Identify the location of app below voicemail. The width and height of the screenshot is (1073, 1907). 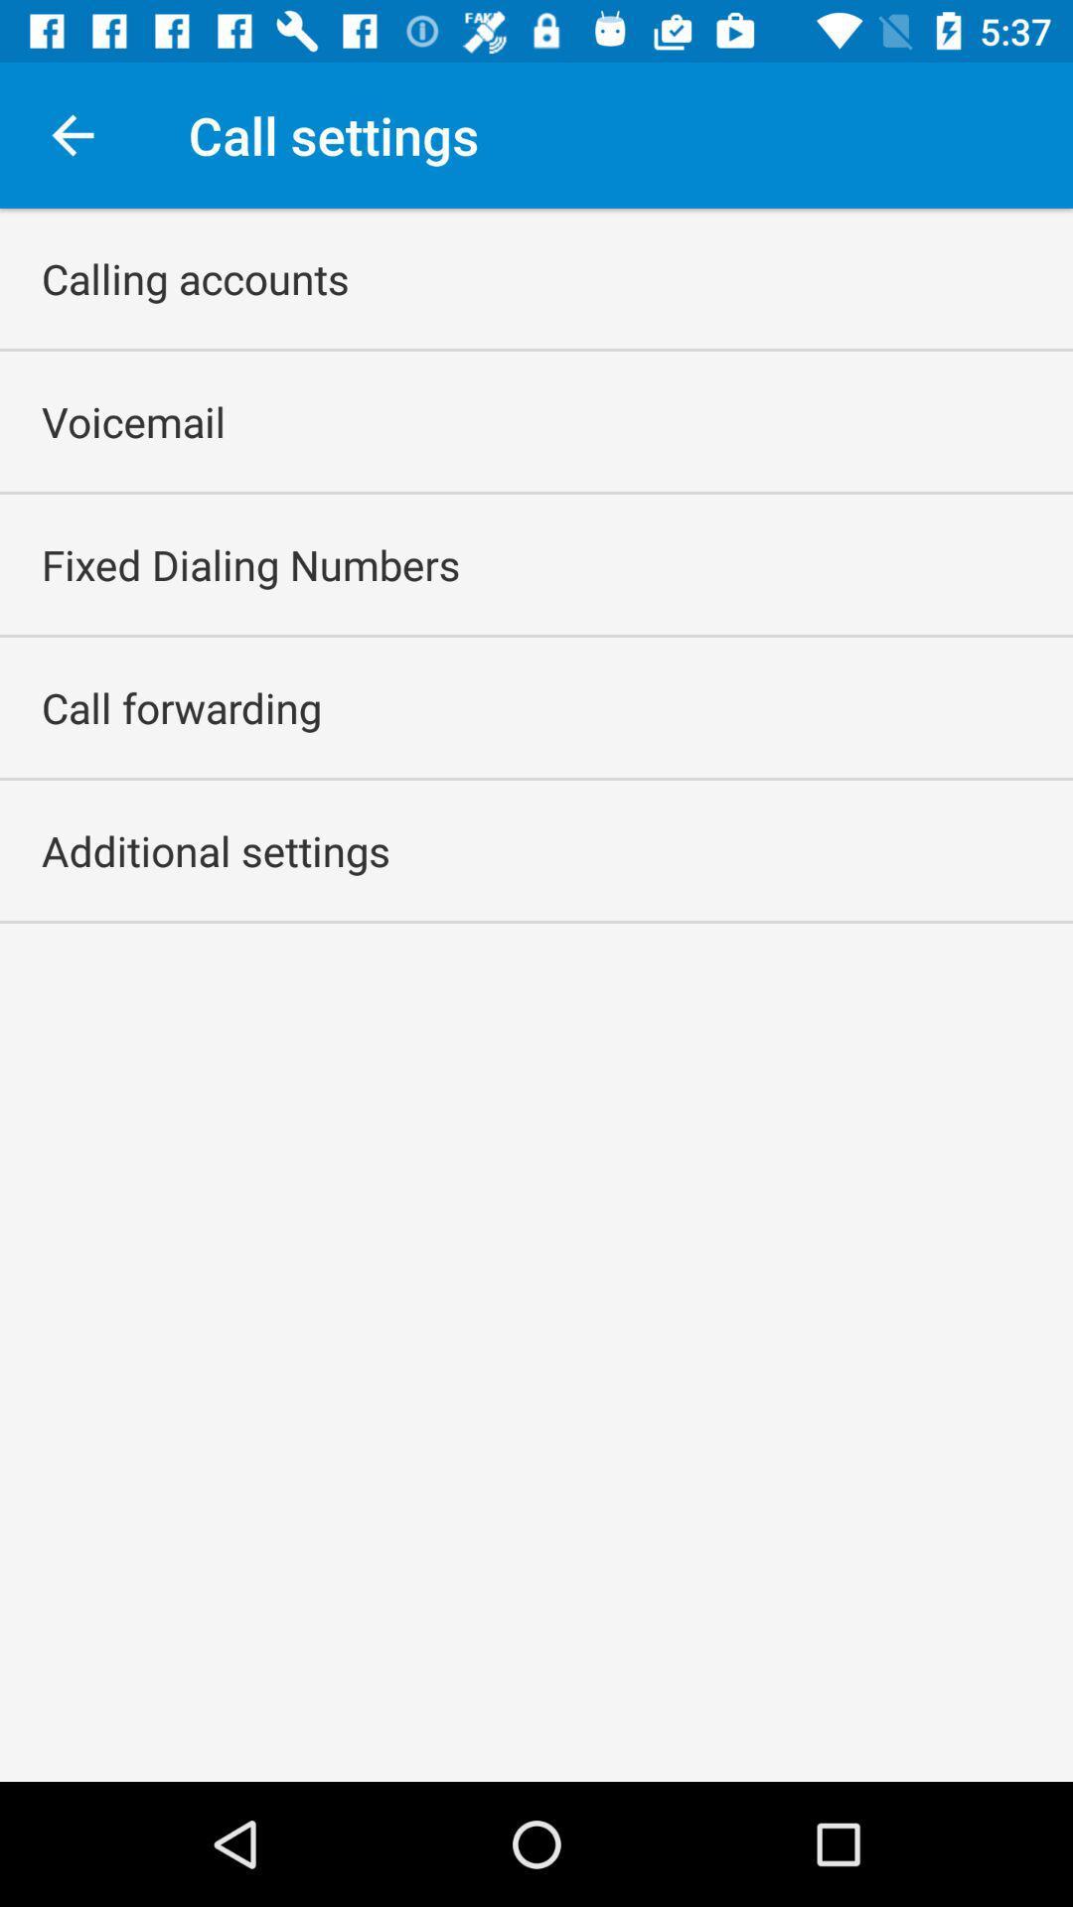
(249, 563).